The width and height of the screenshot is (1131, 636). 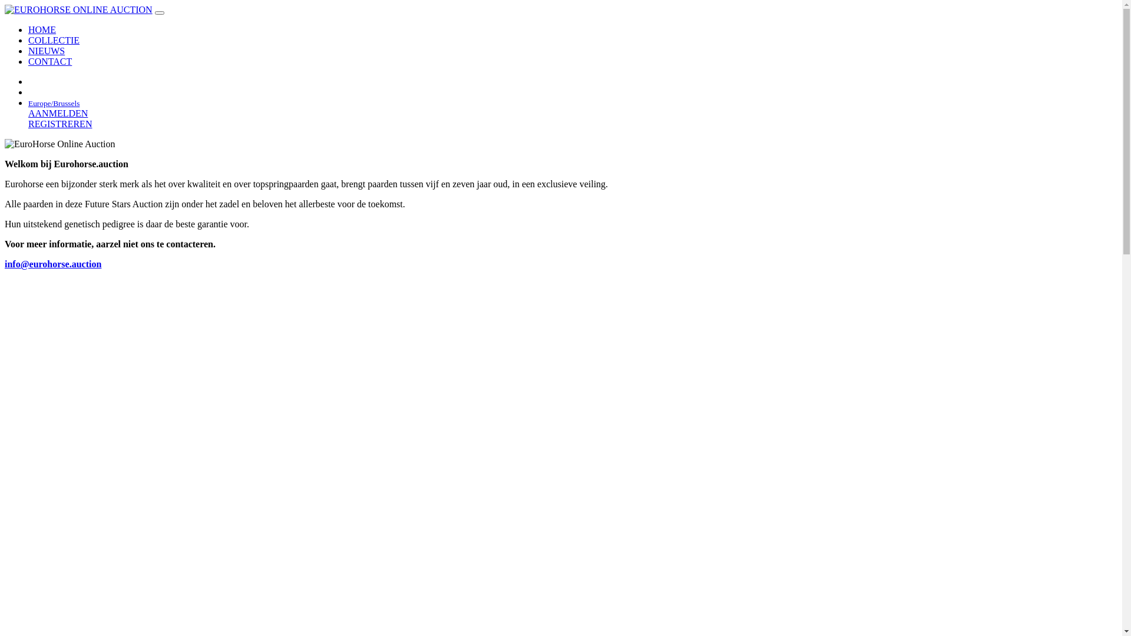 What do you see at coordinates (52, 263) in the screenshot?
I see `'info@eurohorse.auction'` at bounding box center [52, 263].